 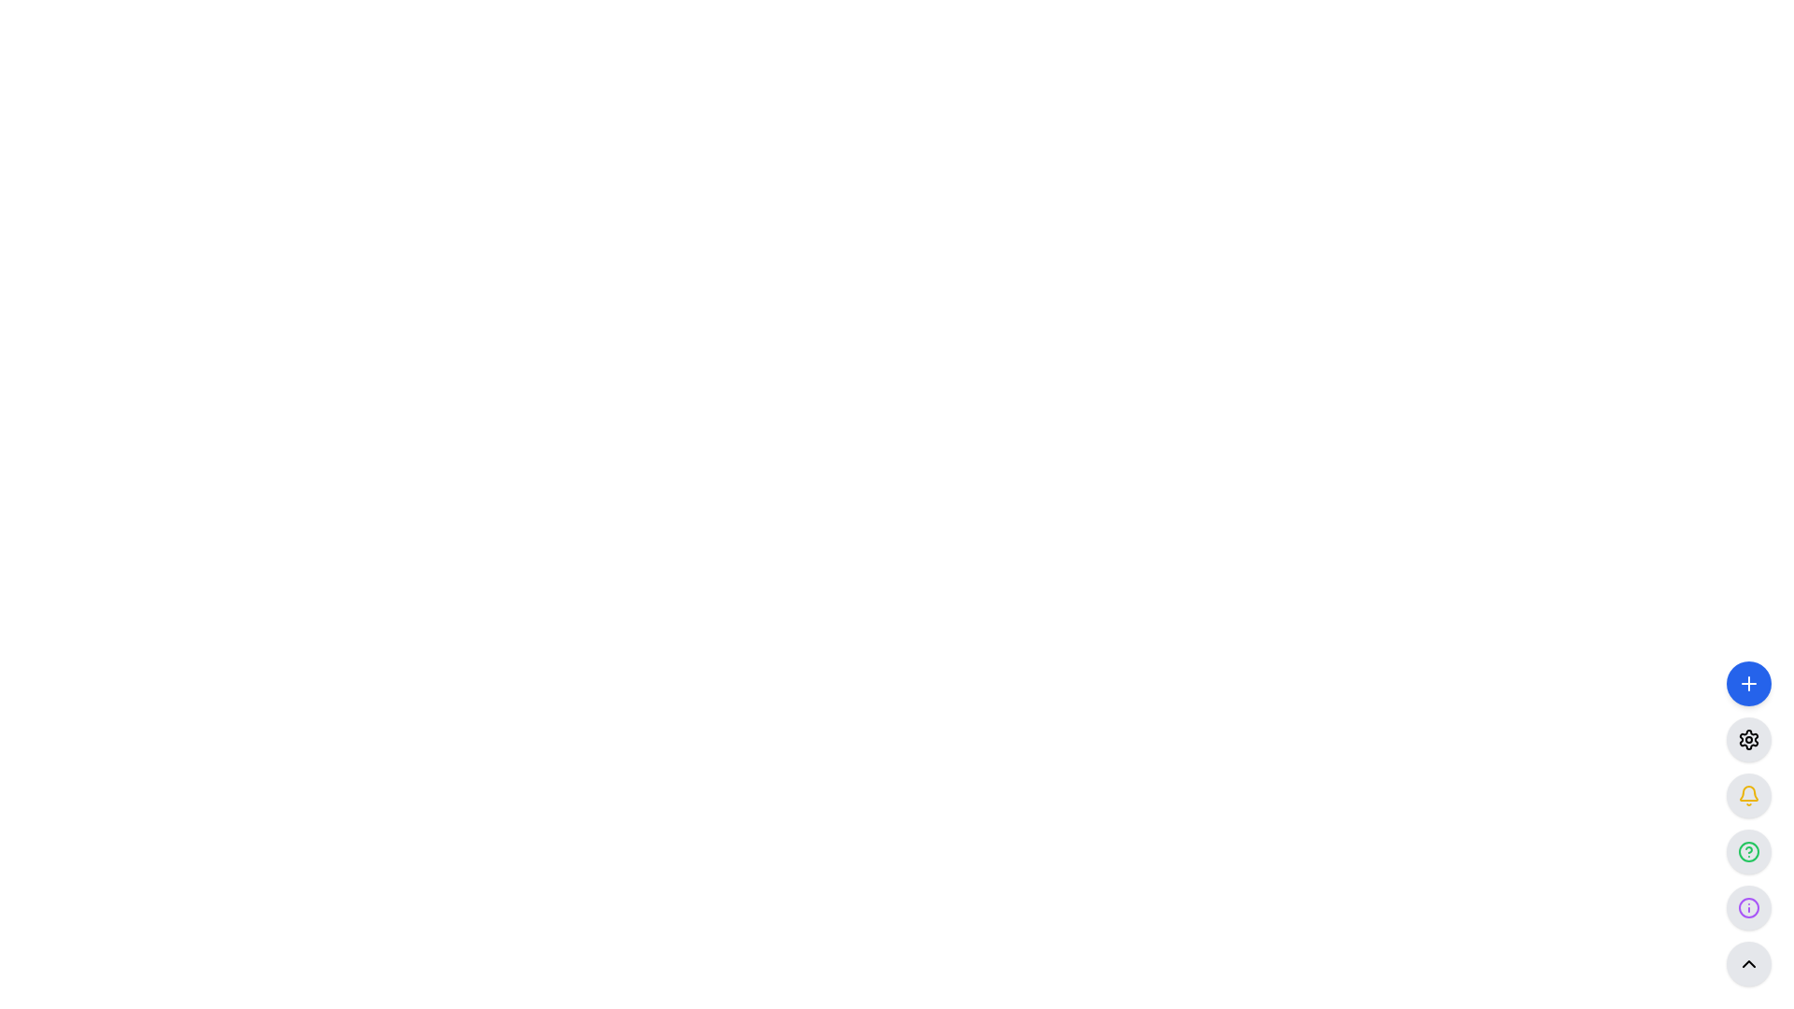 What do you see at coordinates (1748, 964) in the screenshot?
I see `the upward scrolling icon located within the circular button at the bottom right of the vertical stack of buttons` at bounding box center [1748, 964].